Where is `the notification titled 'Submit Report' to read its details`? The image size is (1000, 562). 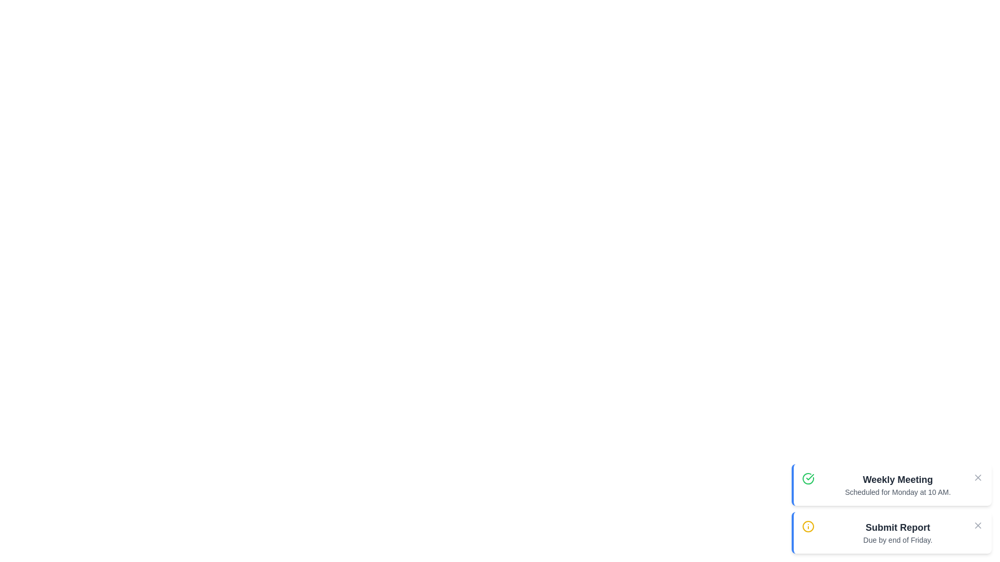
the notification titled 'Submit Report' to read its details is located at coordinates (891, 532).